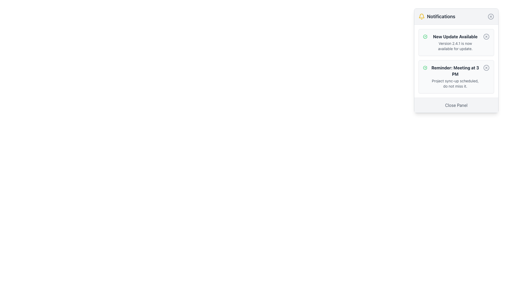 This screenshot has width=507, height=285. I want to click on the circular graphical component of the SVG icon representing the close function, located in the upper-right area of the notification panel next to the 'New Update Available' notification entry, so click(486, 36).